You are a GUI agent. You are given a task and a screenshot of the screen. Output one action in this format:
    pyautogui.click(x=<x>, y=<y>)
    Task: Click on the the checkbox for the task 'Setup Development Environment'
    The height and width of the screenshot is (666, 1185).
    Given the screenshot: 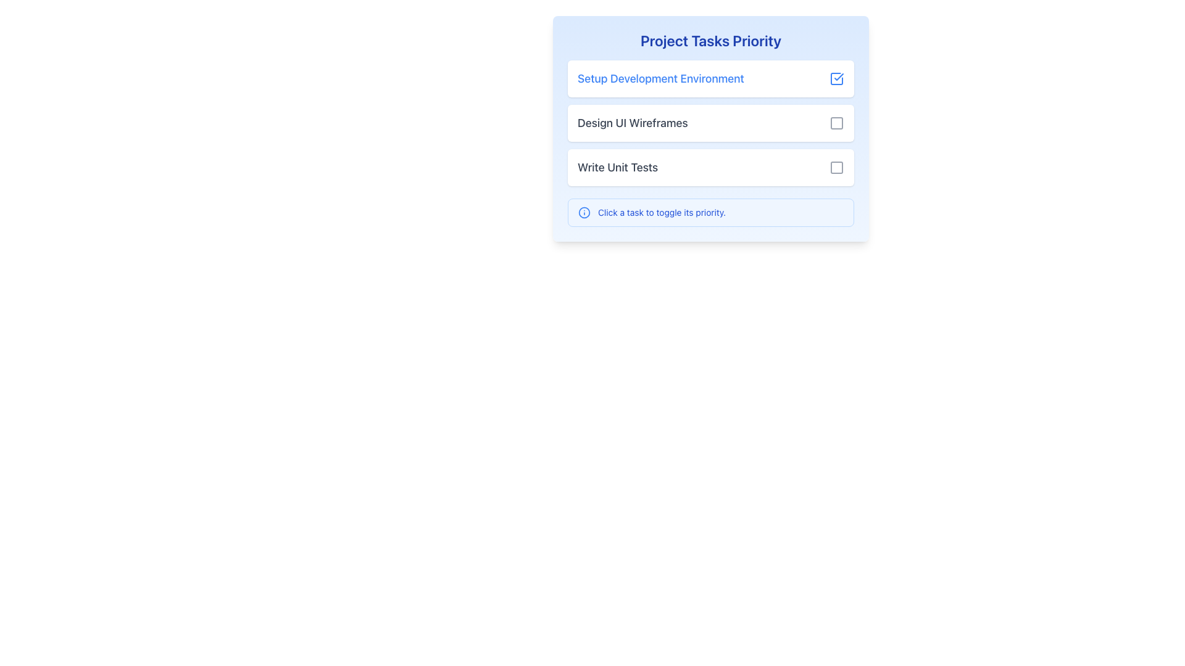 What is the action you would take?
    pyautogui.click(x=837, y=78)
    